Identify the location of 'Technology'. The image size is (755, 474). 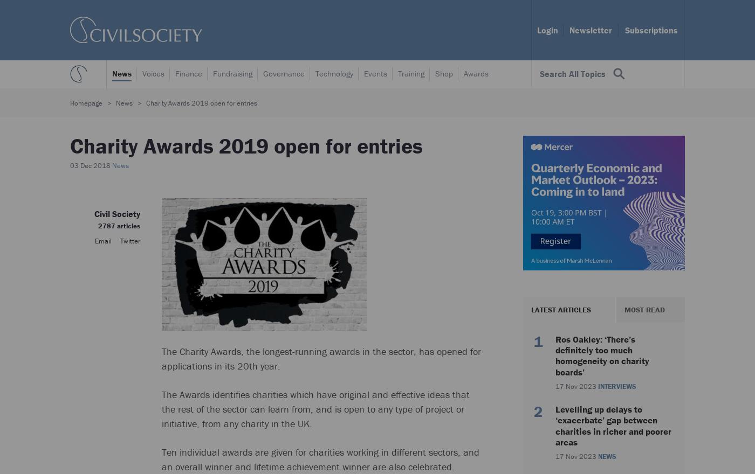
(334, 73).